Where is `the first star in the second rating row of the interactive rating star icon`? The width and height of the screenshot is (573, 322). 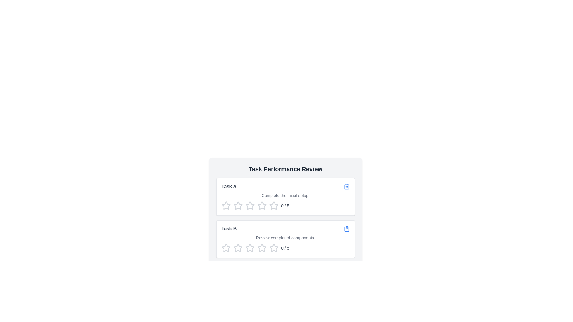 the first star in the second rating row of the interactive rating star icon is located at coordinates (226, 248).